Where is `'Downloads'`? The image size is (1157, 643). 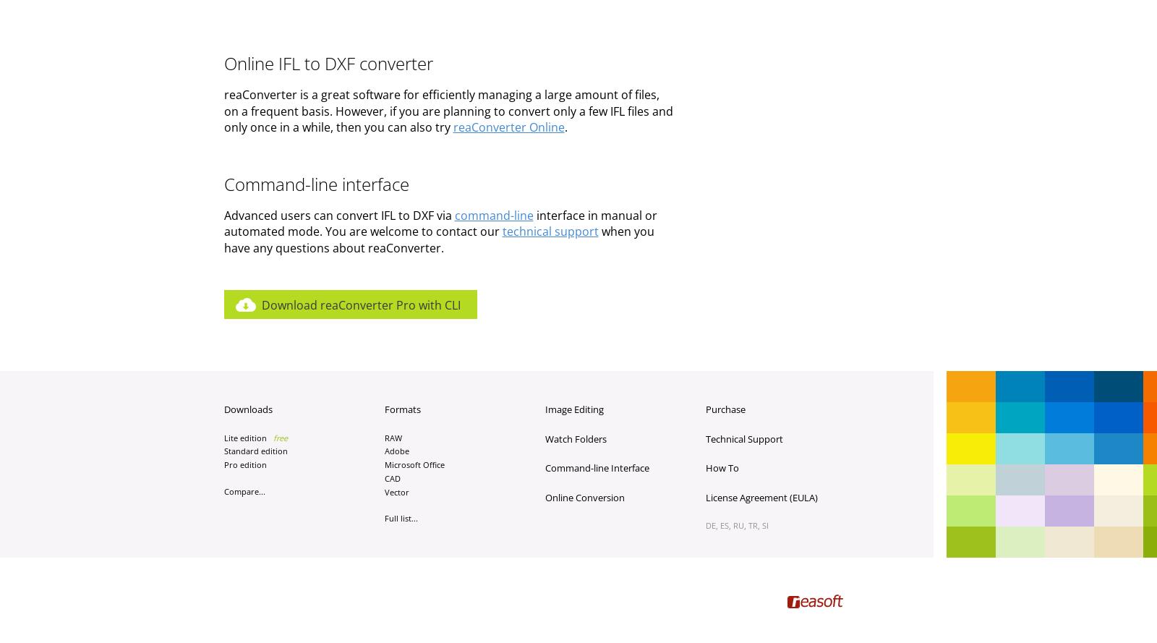
'Downloads' is located at coordinates (247, 409).